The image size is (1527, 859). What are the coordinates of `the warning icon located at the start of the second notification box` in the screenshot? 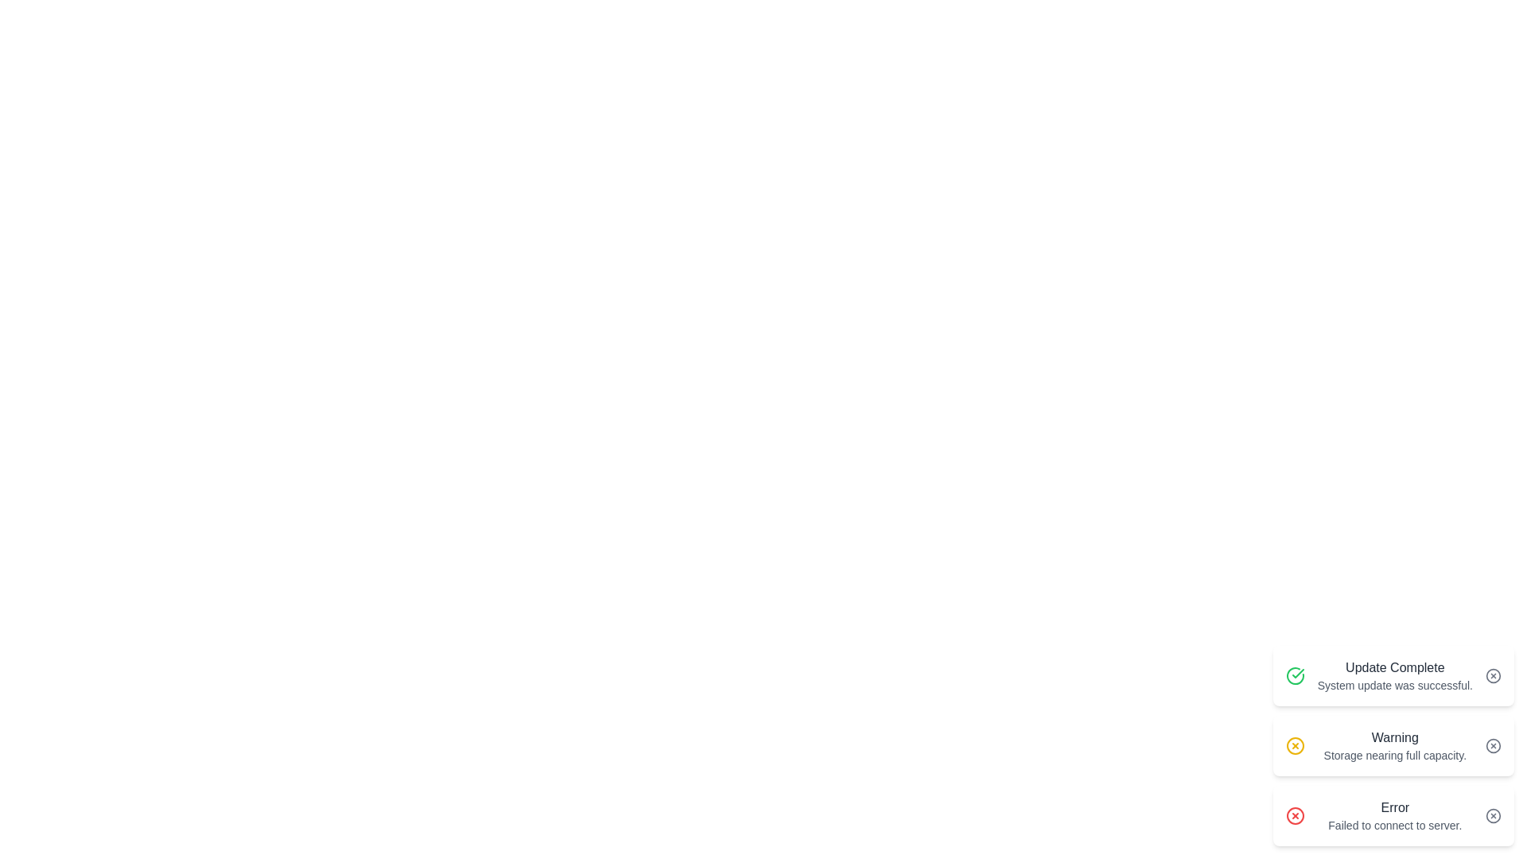 It's located at (1295, 745).